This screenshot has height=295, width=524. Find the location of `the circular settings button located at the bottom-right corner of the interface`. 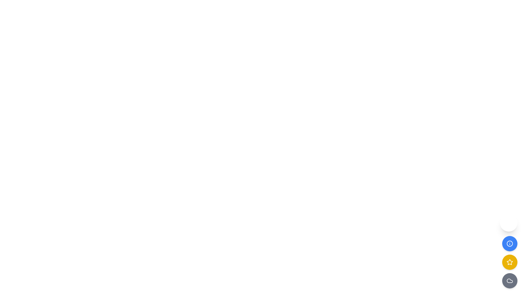

the circular settings button located at the bottom-right corner of the interface is located at coordinates (508, 223).